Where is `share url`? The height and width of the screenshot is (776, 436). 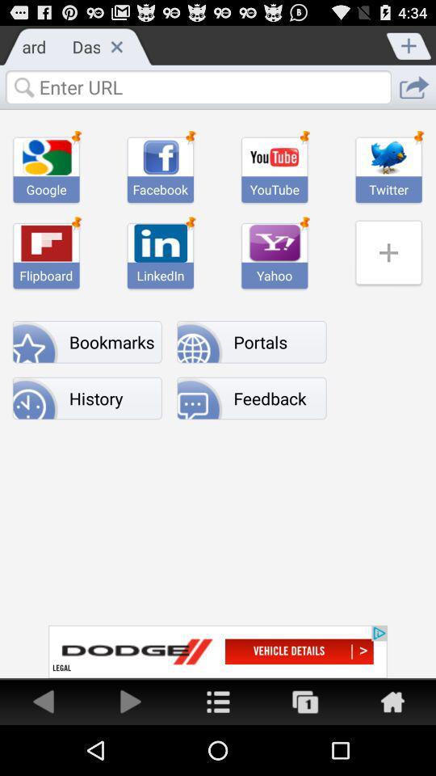 share url is located at coordinates (413, 86).